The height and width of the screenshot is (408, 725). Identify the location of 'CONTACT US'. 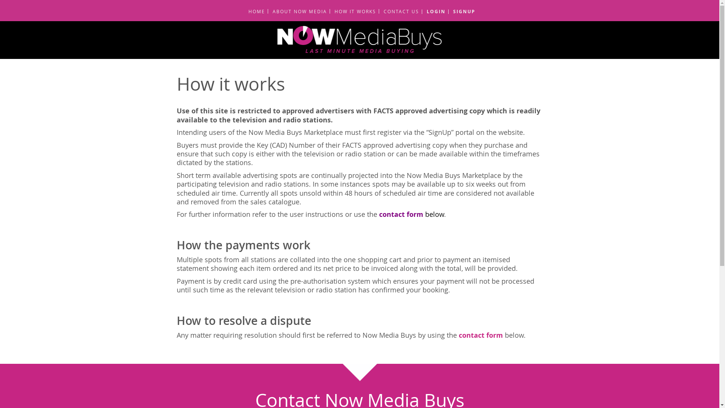
(398, 11).